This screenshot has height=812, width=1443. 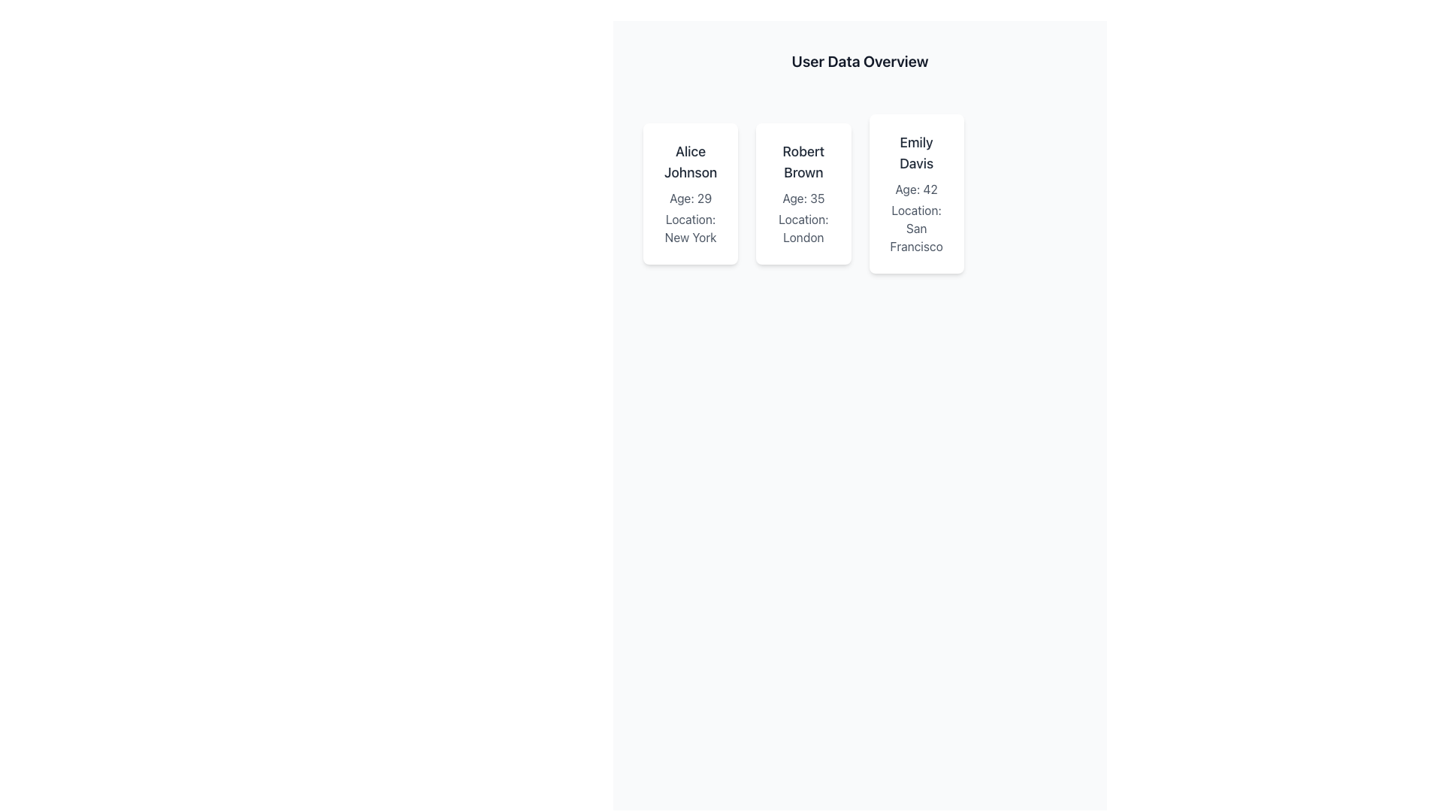 I want to click on information displayed in the user name text label, which is located at the top of the user profile card, so click(x=803, y=162).